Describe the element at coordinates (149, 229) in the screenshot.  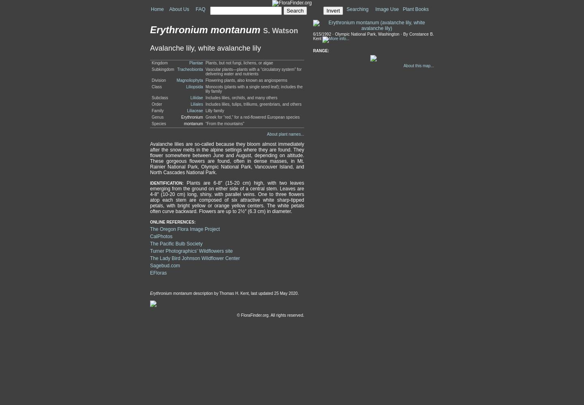
I see `'The Oregon Flora Image Project'` at that location.